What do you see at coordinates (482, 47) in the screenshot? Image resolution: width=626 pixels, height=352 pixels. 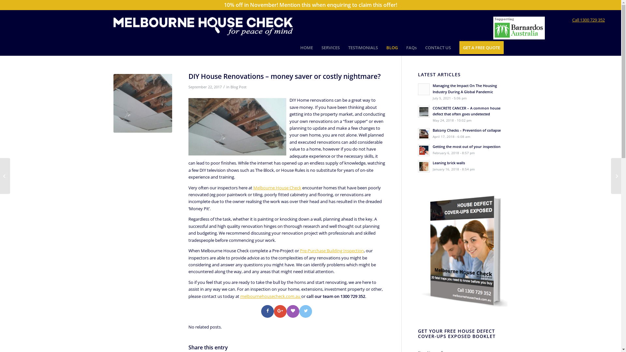 I see `'GET A FREE QUOTE'` at bounding box center [482, 47].